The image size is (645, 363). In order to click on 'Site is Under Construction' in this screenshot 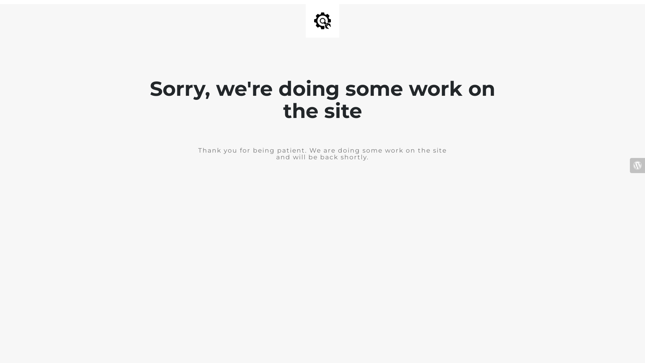, I will do `click(322, 20)`.